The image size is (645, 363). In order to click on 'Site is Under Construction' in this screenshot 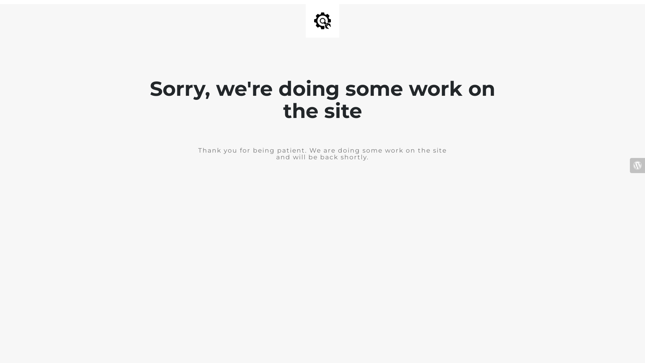, I will do `click(322, 20)`.